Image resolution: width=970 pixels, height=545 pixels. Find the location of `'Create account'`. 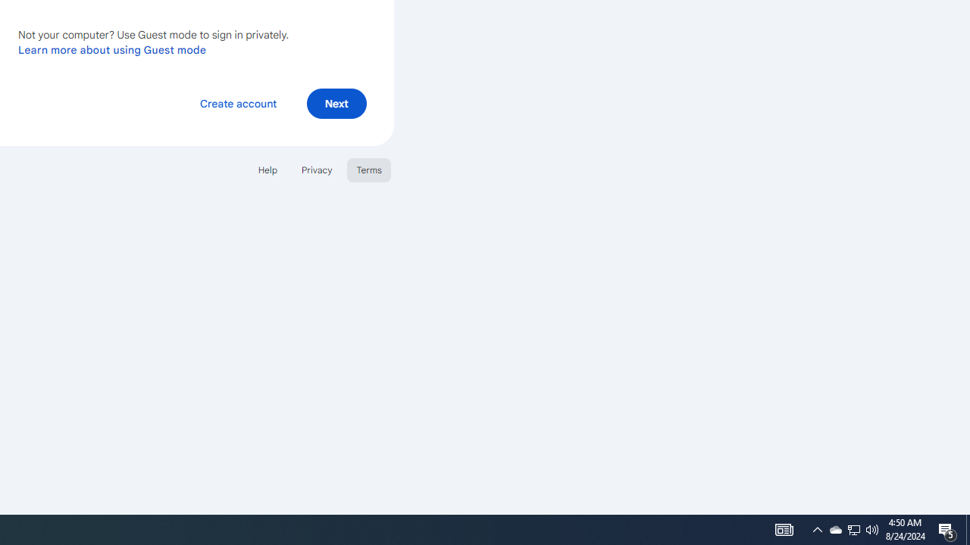

'Create account' is located at coordinates (237, 102).